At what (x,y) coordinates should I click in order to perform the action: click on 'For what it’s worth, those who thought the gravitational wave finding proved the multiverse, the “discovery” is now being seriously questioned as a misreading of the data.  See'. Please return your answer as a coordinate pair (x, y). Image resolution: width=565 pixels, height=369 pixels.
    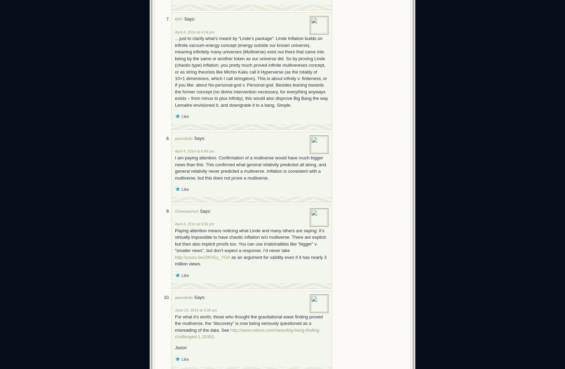
    Looking at the image, I should click on (175, 323).